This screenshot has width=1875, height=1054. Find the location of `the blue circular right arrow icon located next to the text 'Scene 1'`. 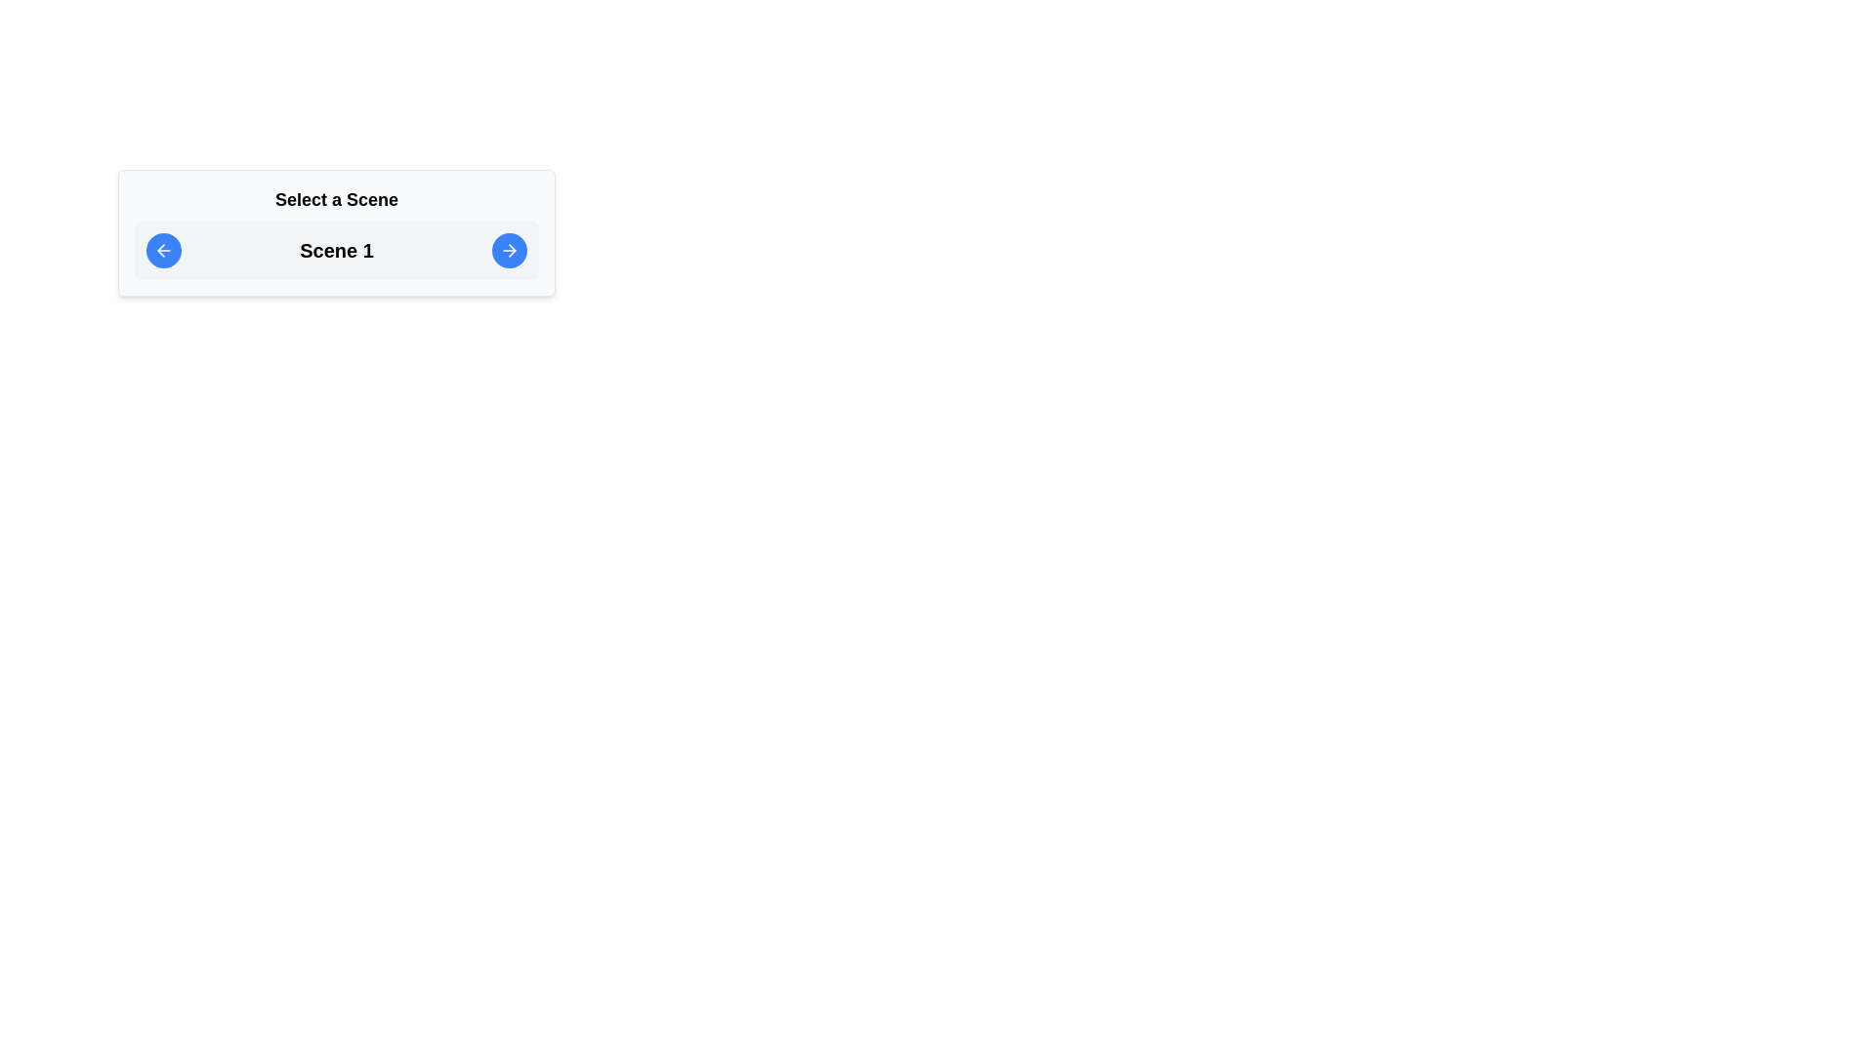

the blue circular right arrow icon located next to the text 'Scene 1' is located at coordinates (510, 250).